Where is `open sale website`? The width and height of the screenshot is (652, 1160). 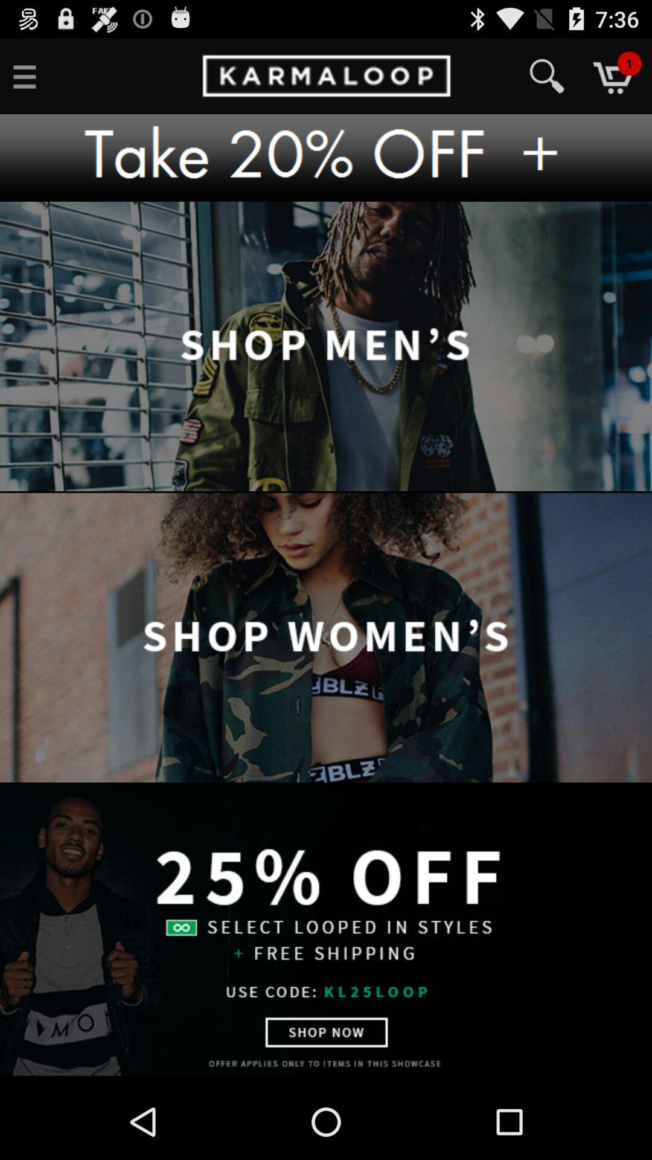 open sale website is located at coordinates (326, 929).